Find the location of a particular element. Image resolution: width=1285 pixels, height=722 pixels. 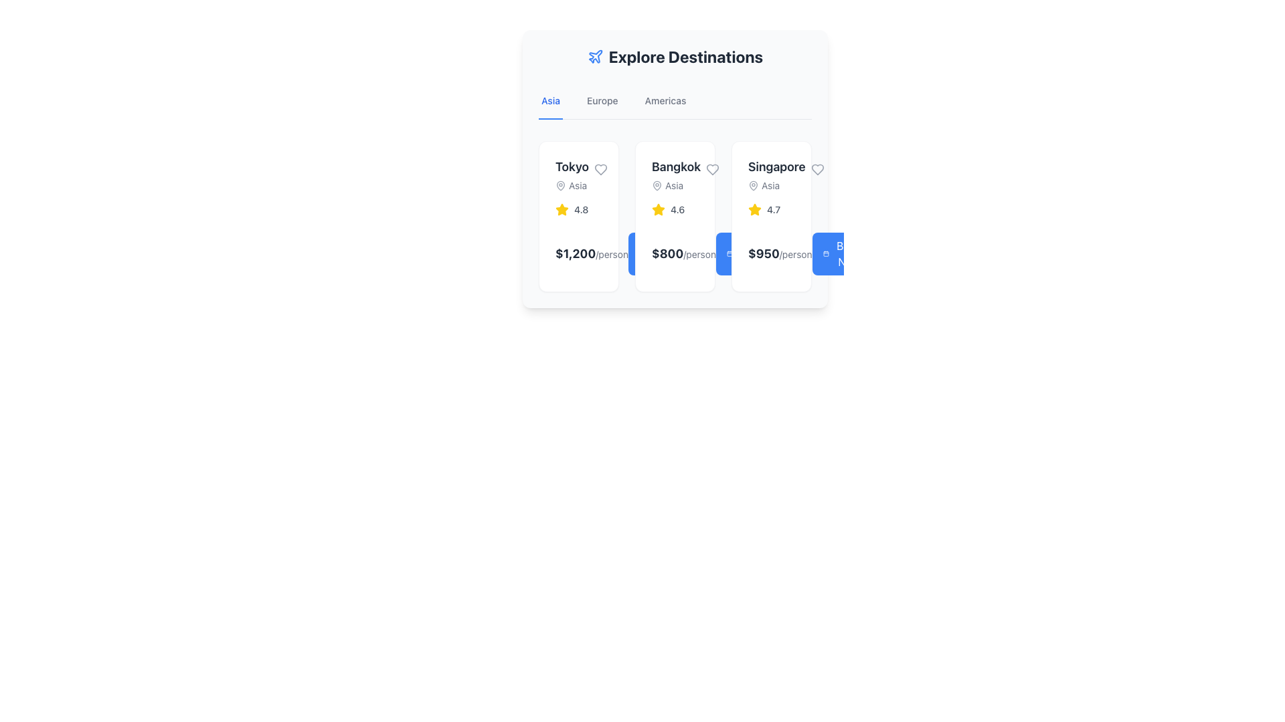

the small text label that reads '/person', which is styled in light gray and appears immediately to the right of the price '$950' in the third card of the 'Asia' section for 'Singapore' is located at coordinates (796, 254).